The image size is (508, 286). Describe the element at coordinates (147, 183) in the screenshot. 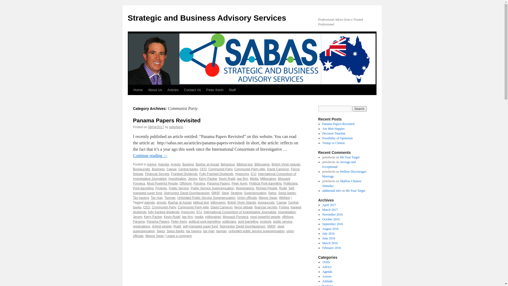

I see `'Most Powerful People'` at that location.